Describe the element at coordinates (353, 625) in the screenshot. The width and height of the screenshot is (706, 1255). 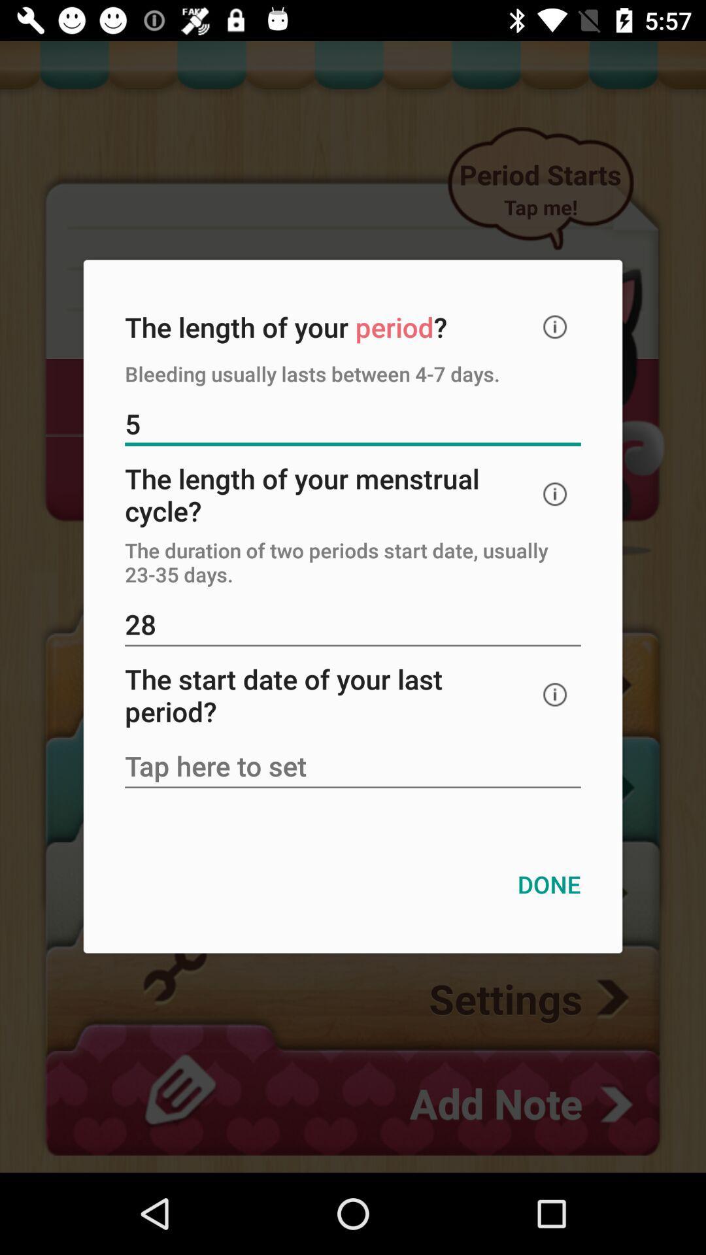
I see `item below the the duration of icon` at that location.